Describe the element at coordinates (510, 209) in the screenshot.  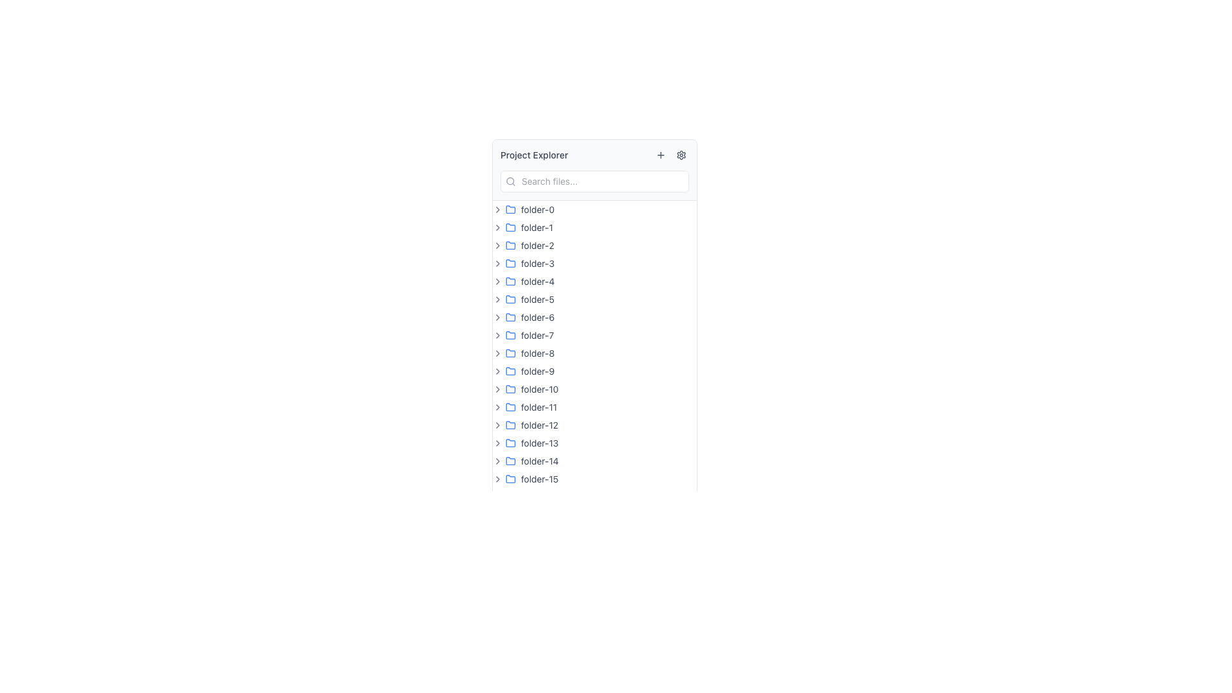
I see `the folder icon located in the 'Project Explorer' panel, which precedes the label 'folder-0'` at that location.